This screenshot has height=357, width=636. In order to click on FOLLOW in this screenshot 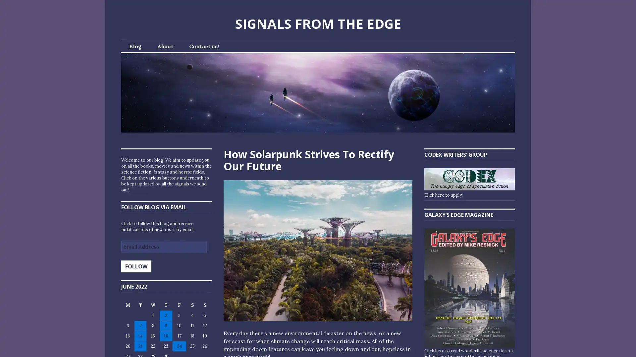, I will do `click(136, 266)`.